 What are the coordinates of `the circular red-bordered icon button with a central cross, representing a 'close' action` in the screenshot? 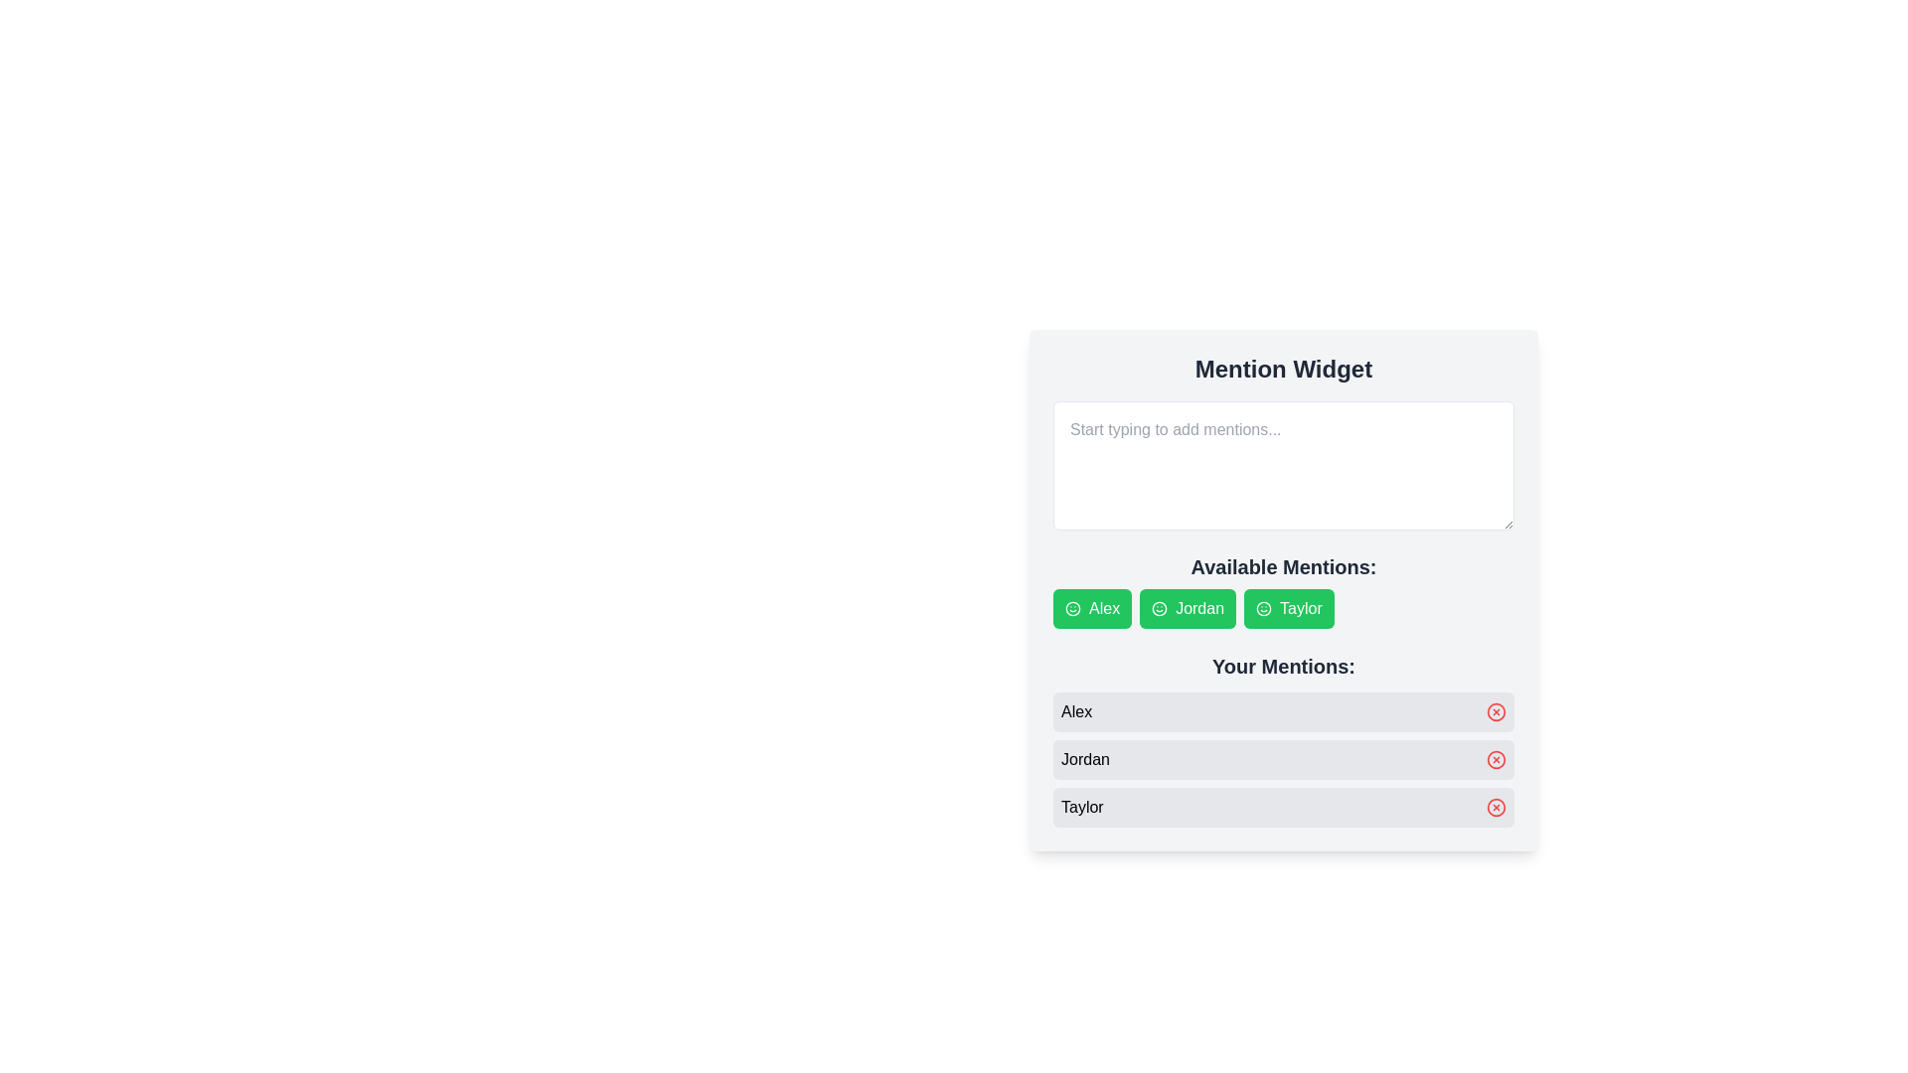 It's located at (1497, 711).